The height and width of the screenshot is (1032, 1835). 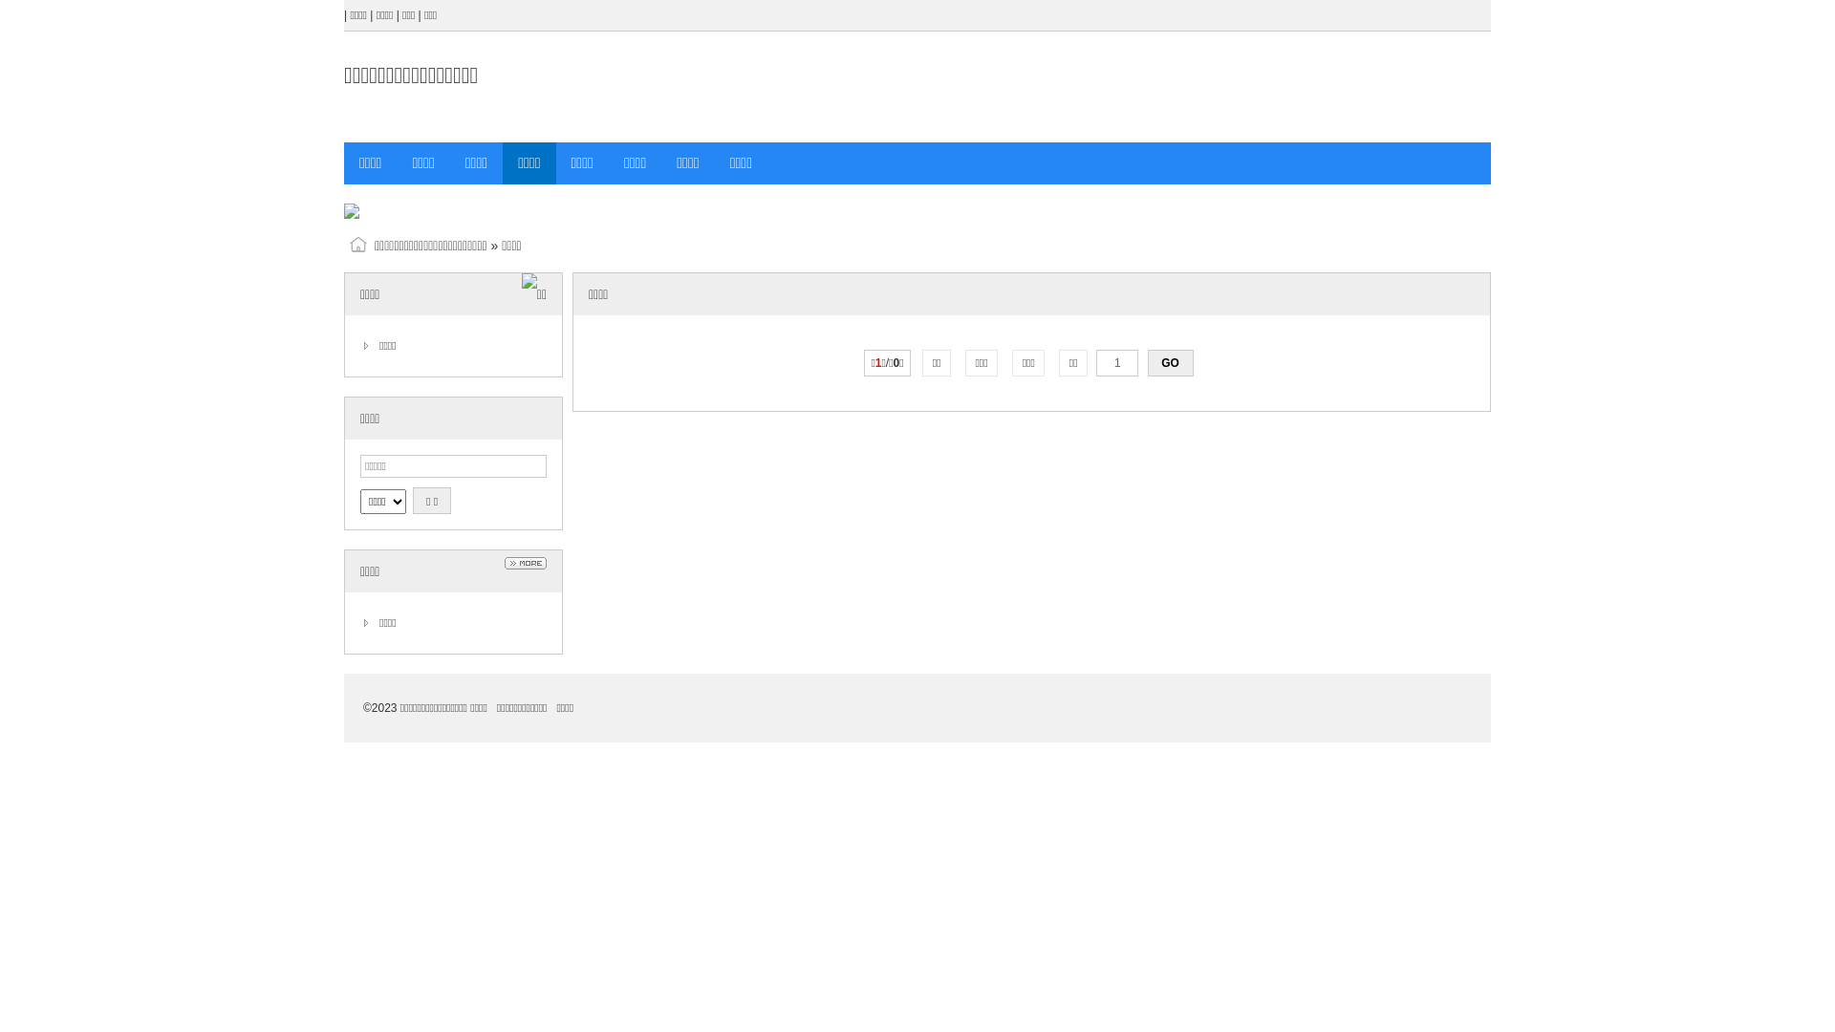 What do you see at coordinates (1147, 363) in the screenshot?
I see `'GO'` at bounding box center [1147, 363].